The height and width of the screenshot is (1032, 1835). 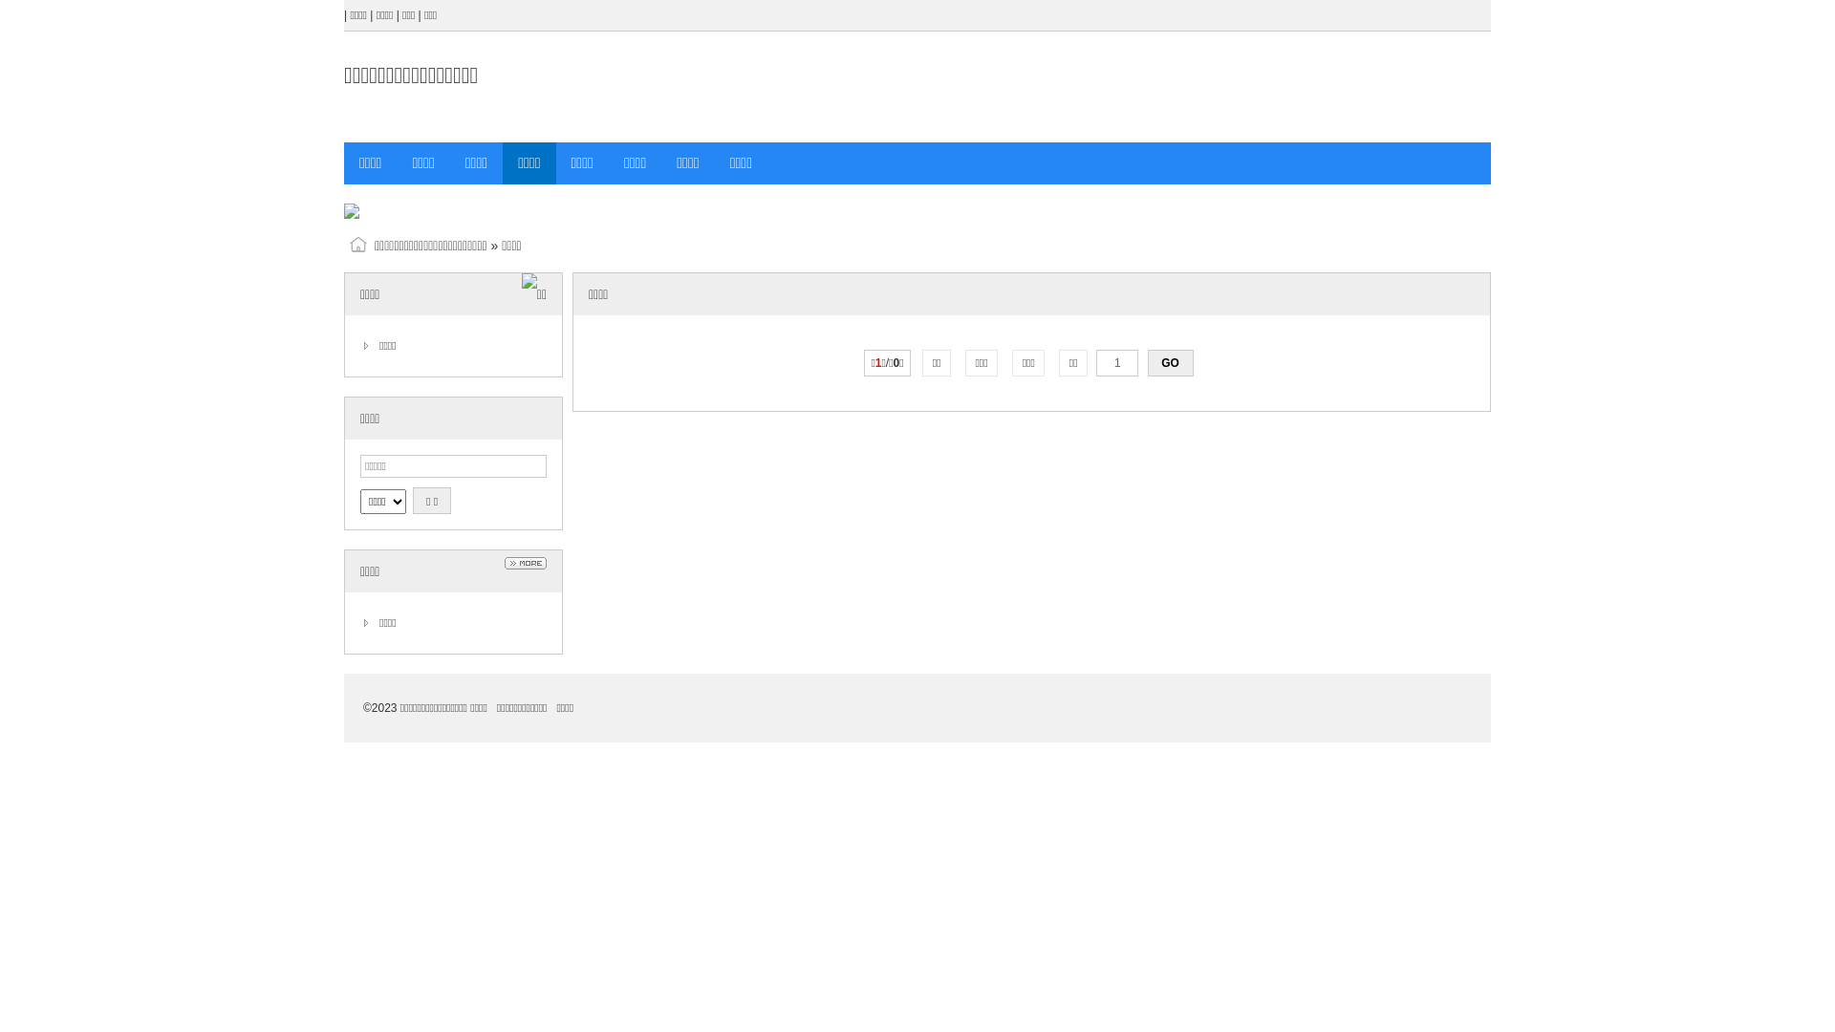 What do you see at coordinates (1147, 363) in the screenshot?
I see `'GO'` at bounding box center [1147, 363].